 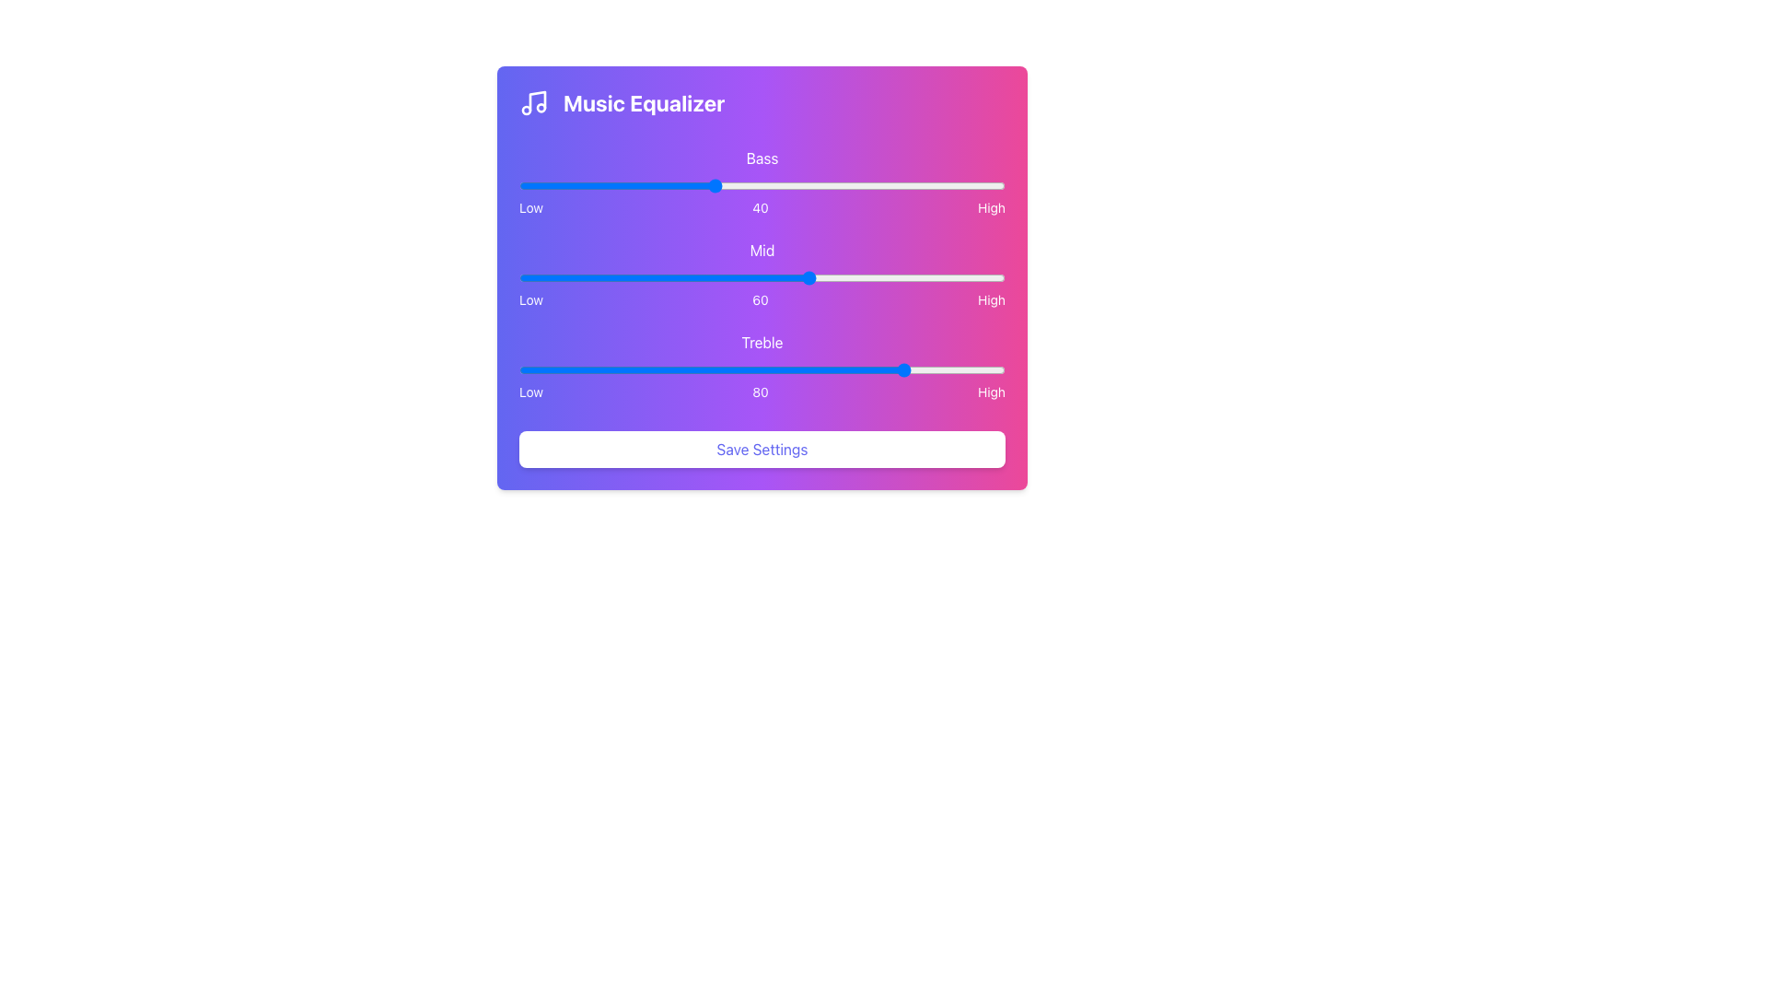 What do you see at coordinates (760, 299) in the screenshot?
I see `the Static Text Label displaying the number '60', which is centrally positioned between the labels 'Low' and 'High'` at bounding box center [760, 299].